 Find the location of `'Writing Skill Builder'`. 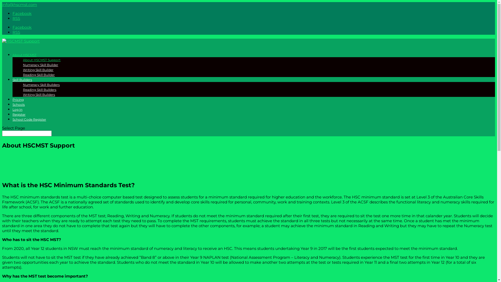

'Writing Skill Builder' is located at coordinates (38, 69).